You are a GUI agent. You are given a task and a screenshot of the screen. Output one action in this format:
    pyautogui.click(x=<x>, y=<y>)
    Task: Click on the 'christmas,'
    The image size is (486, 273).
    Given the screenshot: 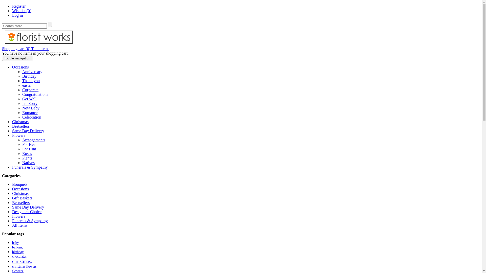 What is the action you would take?
    pyautogui.click(x=22, y=261)
    